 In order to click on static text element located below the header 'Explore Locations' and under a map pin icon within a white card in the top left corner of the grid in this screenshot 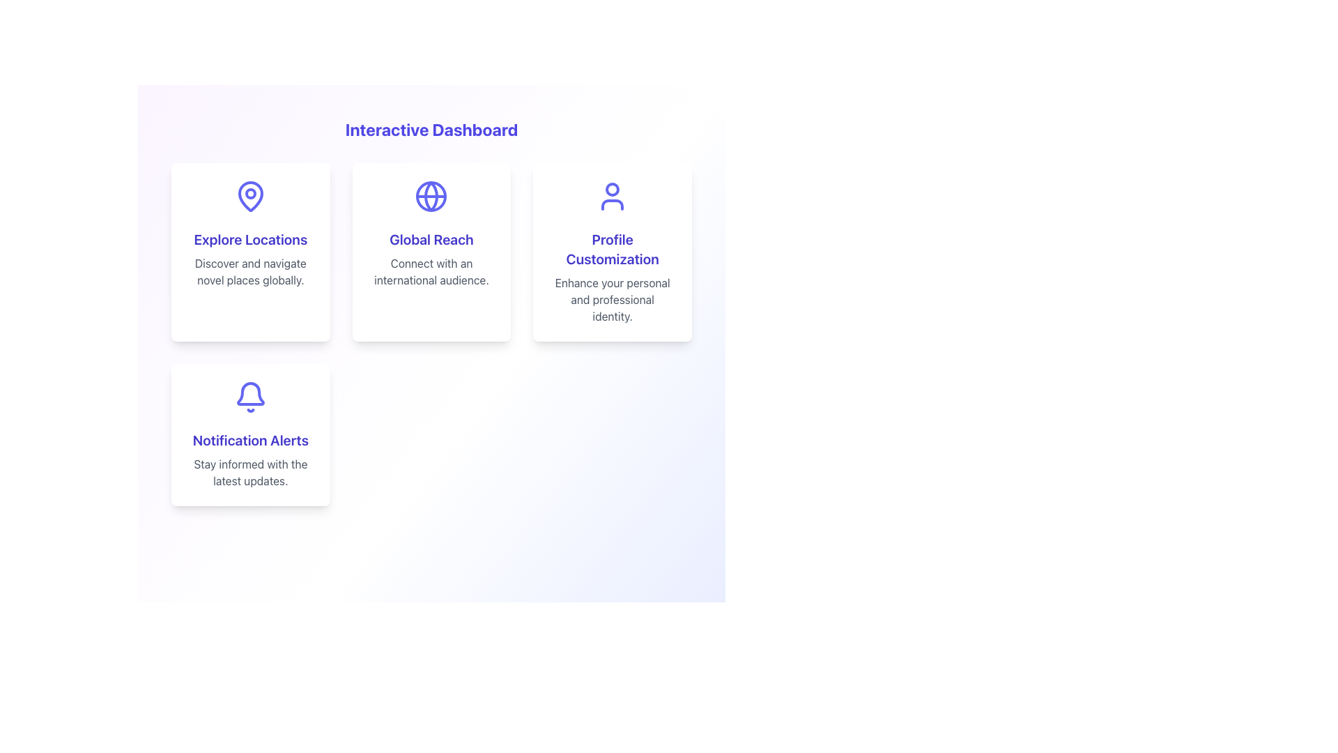, I will do `click(250, 271)`.